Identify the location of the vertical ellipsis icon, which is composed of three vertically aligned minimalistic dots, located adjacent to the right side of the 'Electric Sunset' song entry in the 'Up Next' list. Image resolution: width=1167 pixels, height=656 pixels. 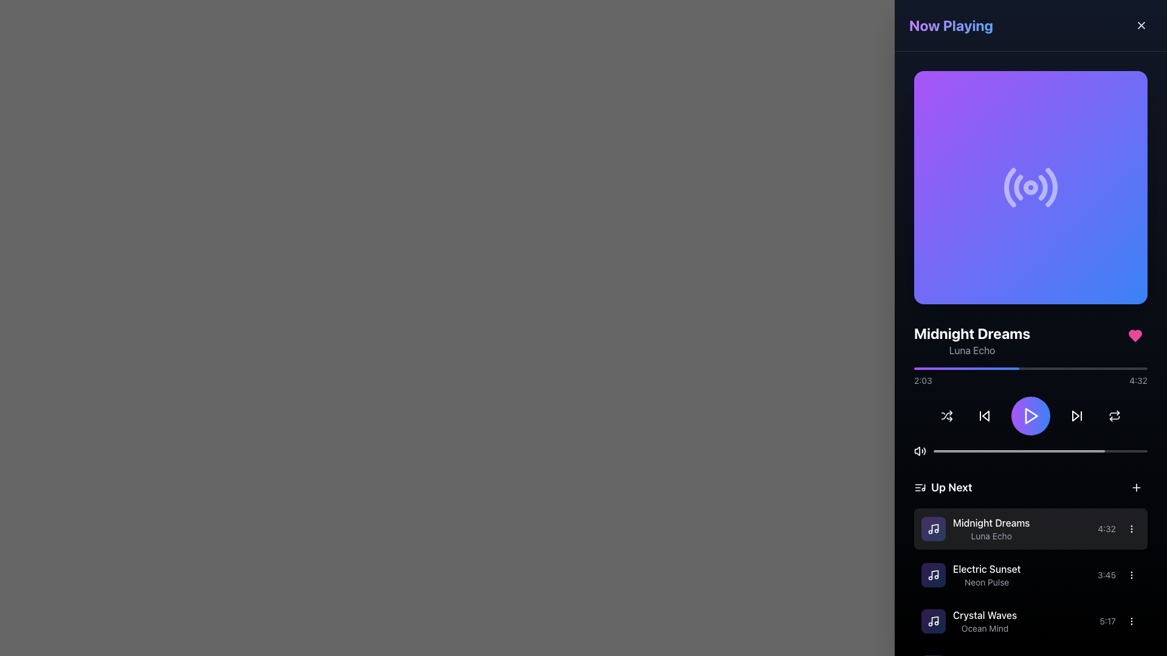
(1131, 575).